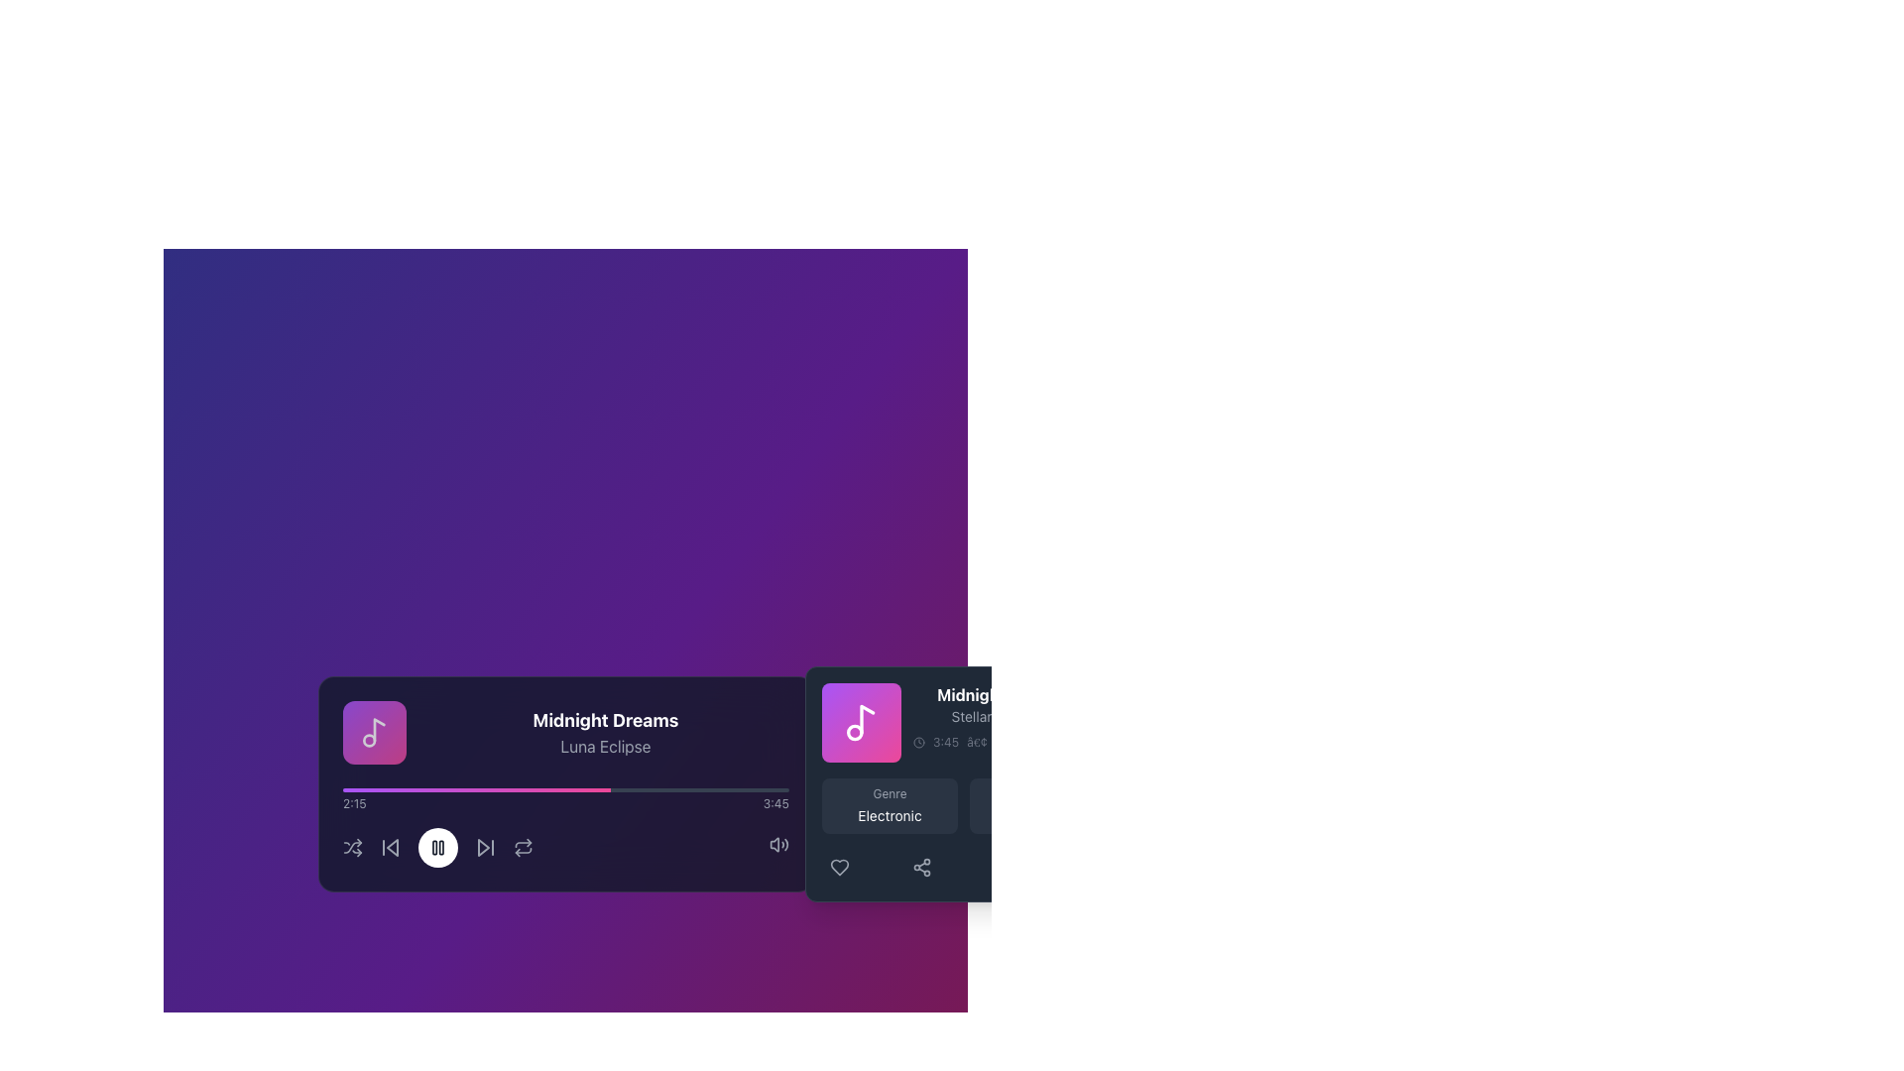 This screenshot has width=1904, height=1071. Describe the element at coordinates (436, 848) in the screenshot. I see `the Pause button icon, which is represented by two vertical rectangles, located at the center of a circular button with a white background in the music player interface` at that location.